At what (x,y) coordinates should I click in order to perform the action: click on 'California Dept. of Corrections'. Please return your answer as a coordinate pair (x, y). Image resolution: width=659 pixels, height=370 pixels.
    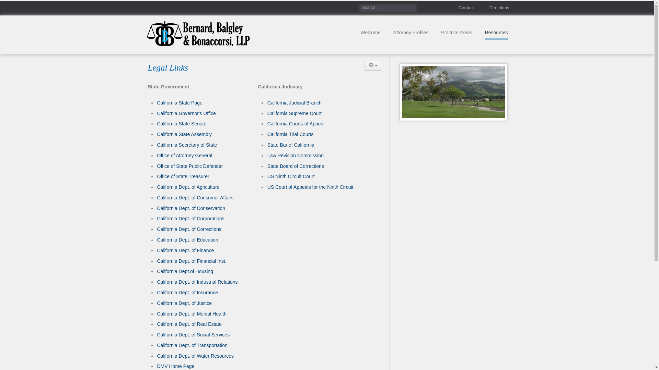
    Looking at the image, I should click on (189, 229).